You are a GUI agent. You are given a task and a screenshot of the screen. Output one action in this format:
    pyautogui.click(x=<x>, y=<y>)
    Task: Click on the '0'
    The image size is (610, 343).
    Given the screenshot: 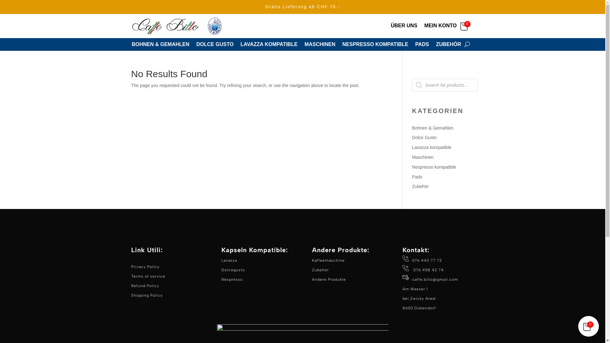 What is the action you would take?
    pyautogui.click(x=588, y=326)
    